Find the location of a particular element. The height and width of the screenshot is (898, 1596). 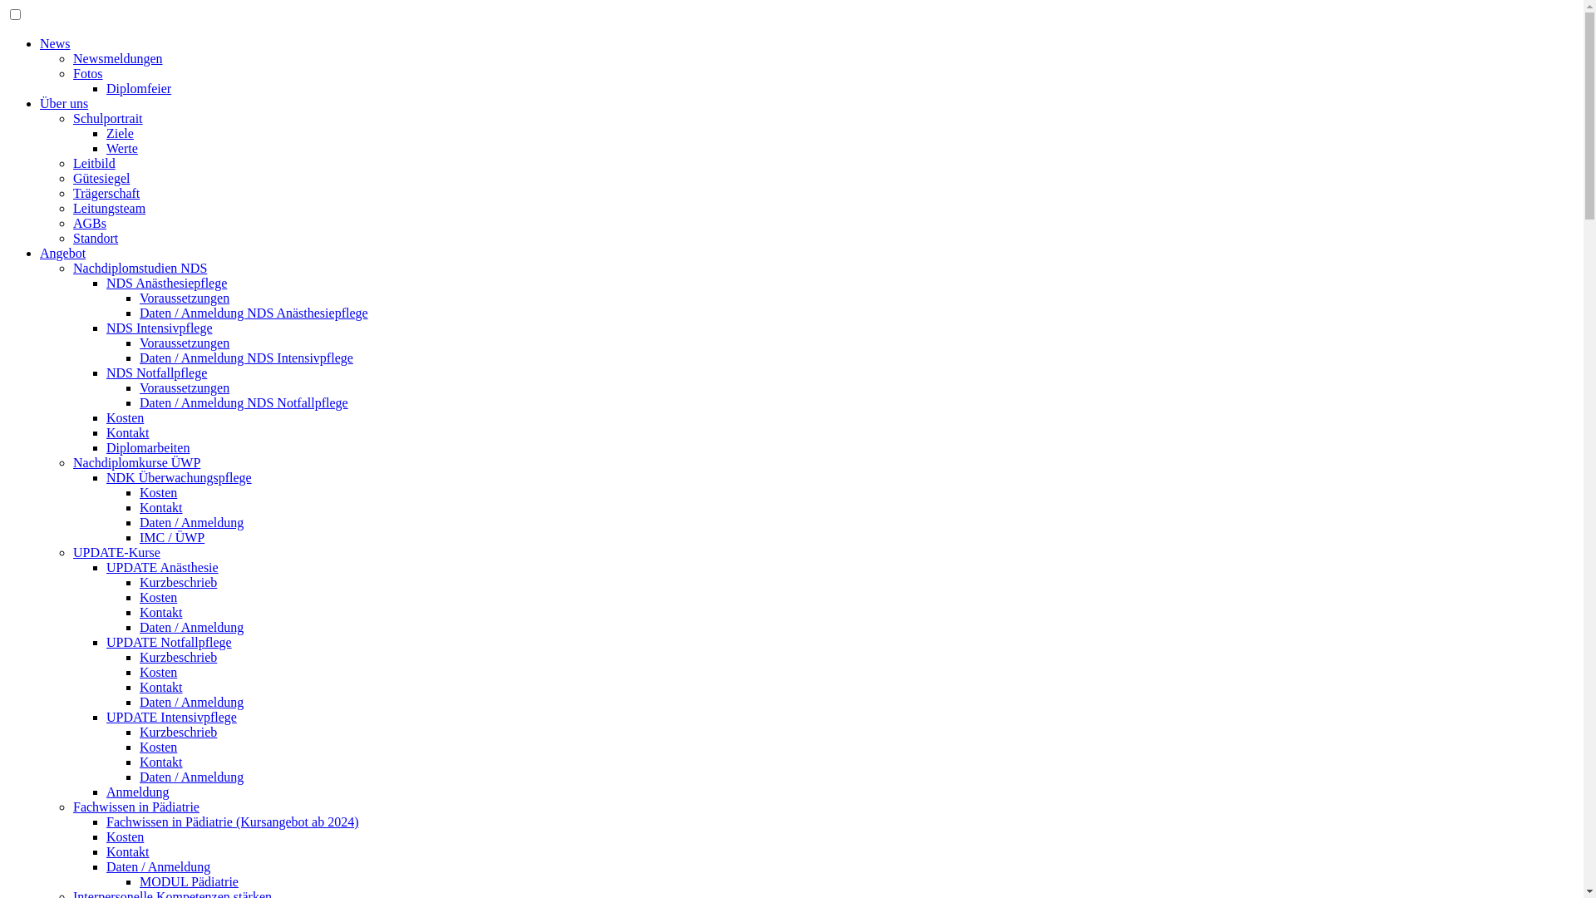

'Anmeldung' is located at coordinates (106, 791).